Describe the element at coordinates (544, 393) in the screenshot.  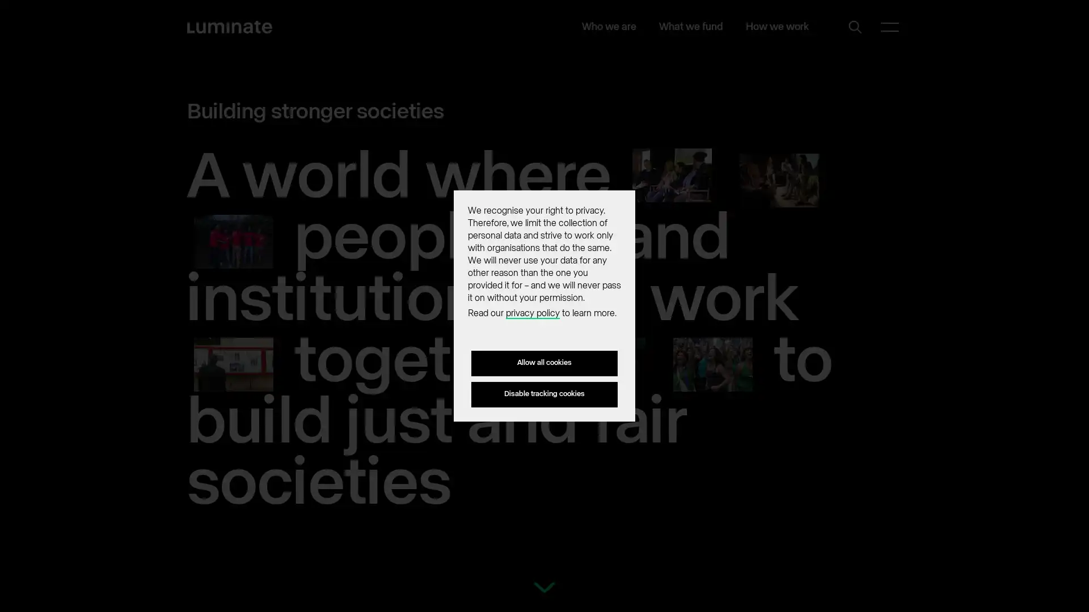
I see `Disable tracking cookies` at that location.